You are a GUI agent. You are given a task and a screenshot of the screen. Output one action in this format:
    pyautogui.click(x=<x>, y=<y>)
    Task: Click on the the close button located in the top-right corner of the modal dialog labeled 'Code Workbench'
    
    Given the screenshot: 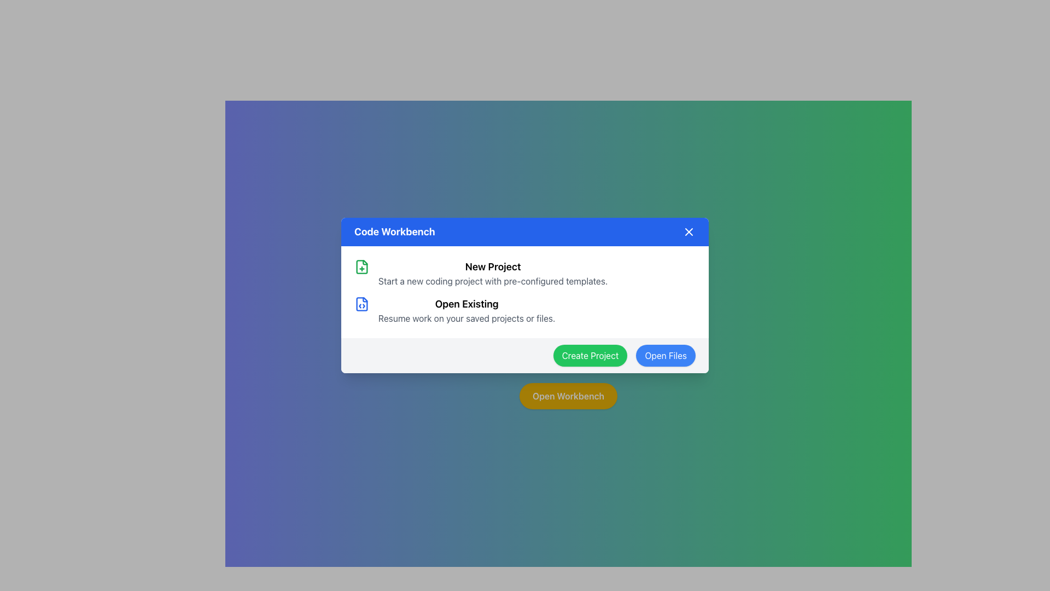 What is the action you would take?
    pyautogui.click(x=688, y=231)
    